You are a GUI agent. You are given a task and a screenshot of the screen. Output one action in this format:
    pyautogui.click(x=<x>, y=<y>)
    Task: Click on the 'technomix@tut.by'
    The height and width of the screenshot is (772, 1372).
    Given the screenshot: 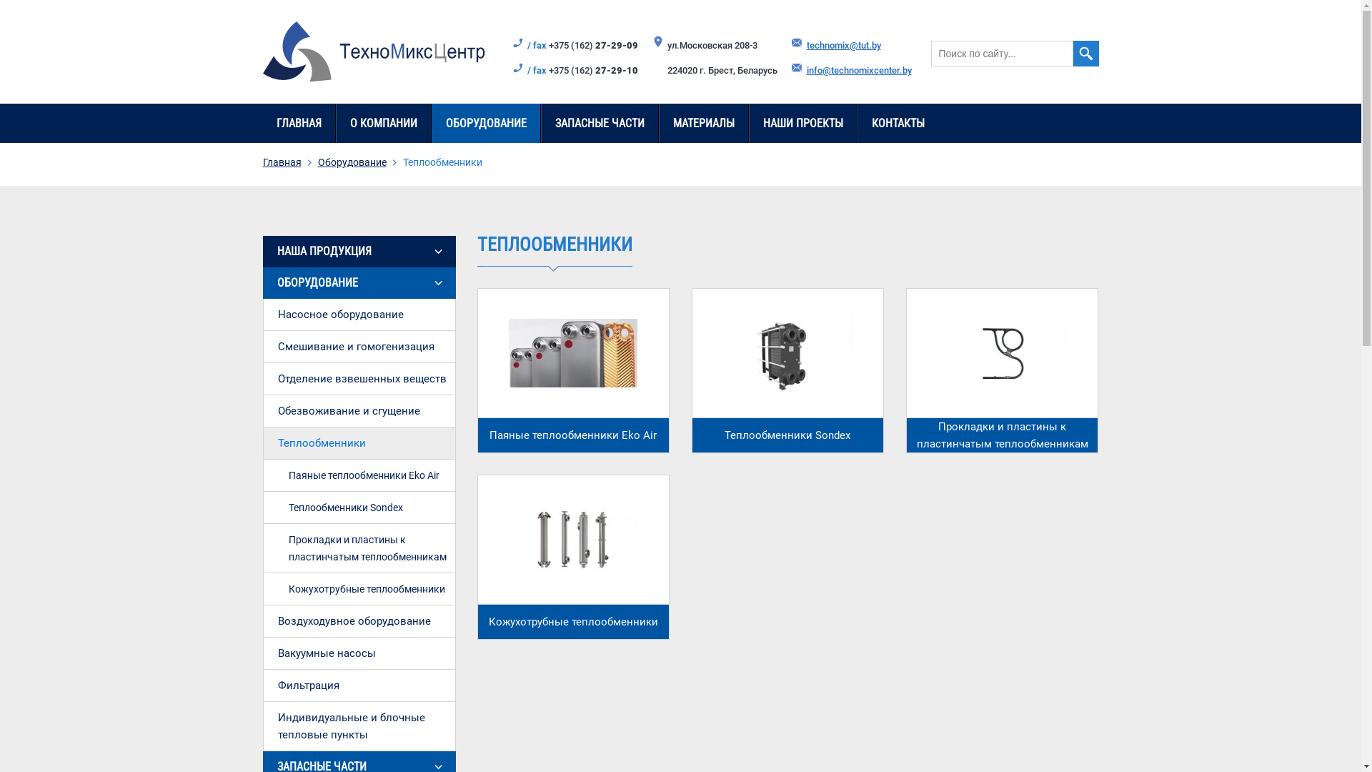 What is the action you would take?
    pyautogui.click(x=843, y=44)
    